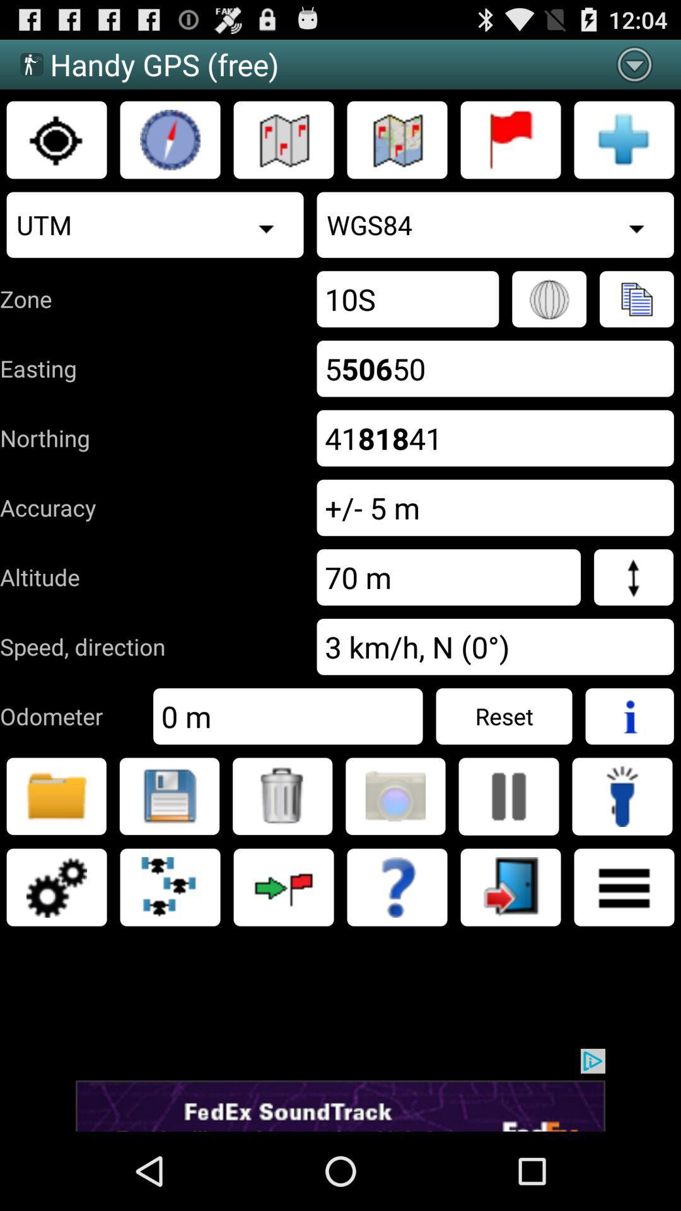  Describe the element at coordinates (340, 1089) in the screenshot. I see `opens up advertisement` at that location.